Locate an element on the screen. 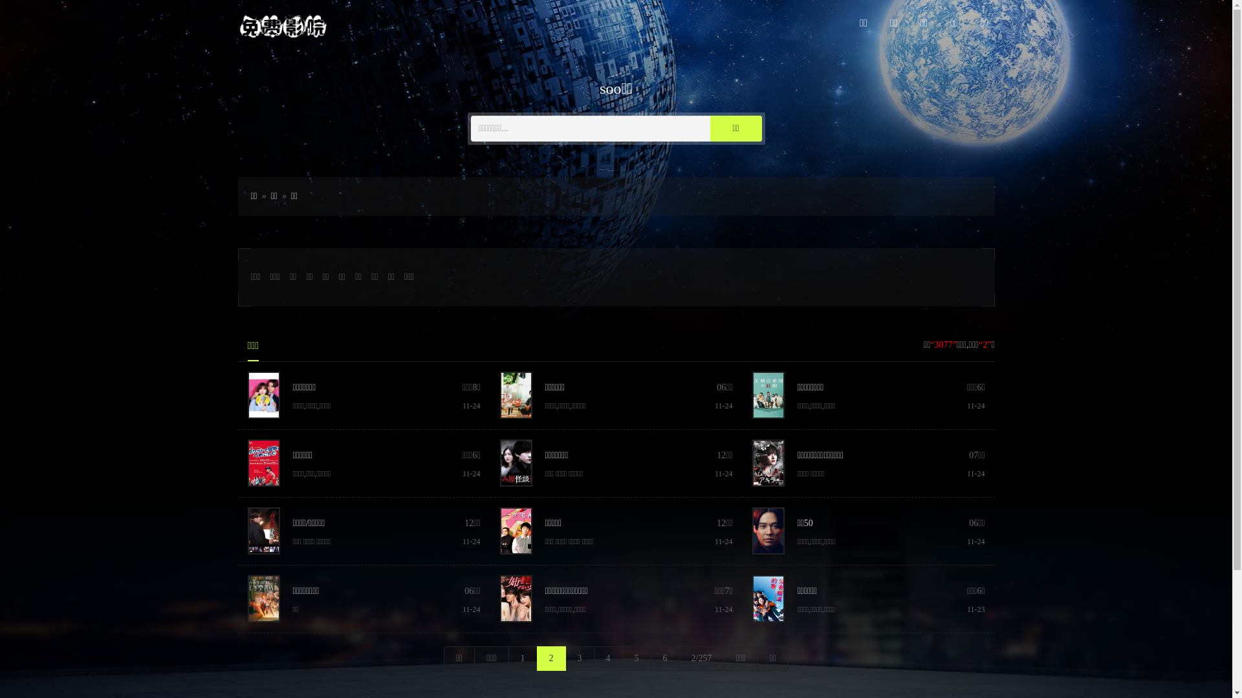  '3' is located at coordinates (565, 658).